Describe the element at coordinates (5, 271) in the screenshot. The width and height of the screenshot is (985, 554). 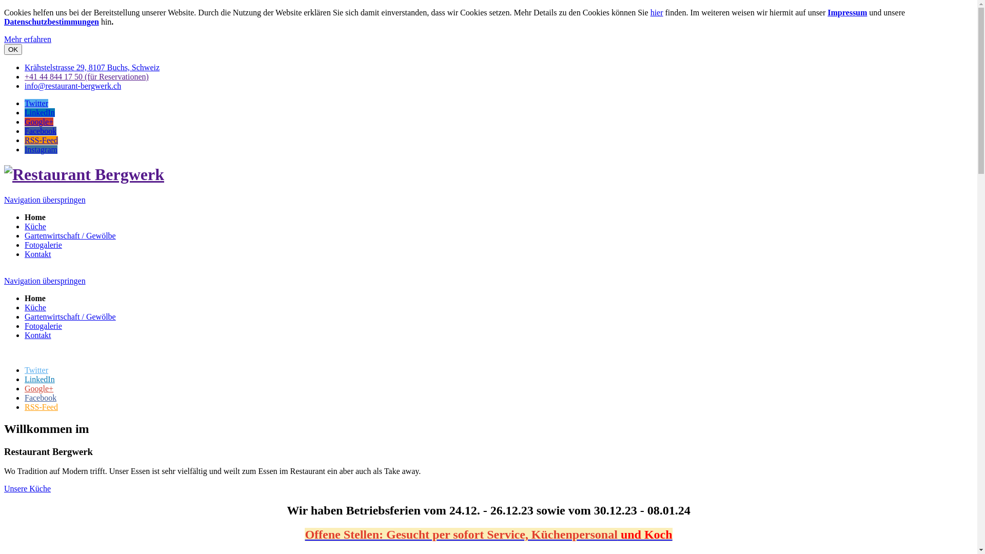
I see `' '` at that location.